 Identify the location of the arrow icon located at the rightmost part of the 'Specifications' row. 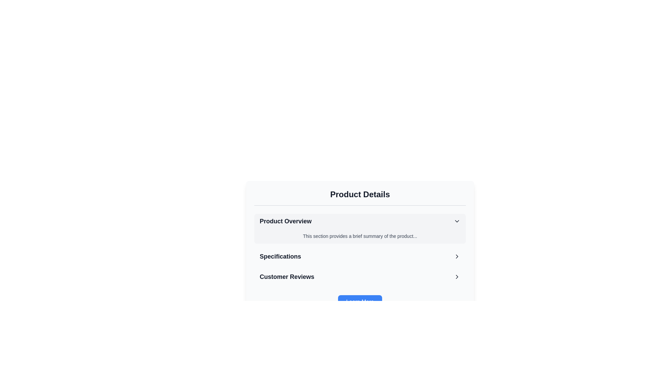
(457, 256).